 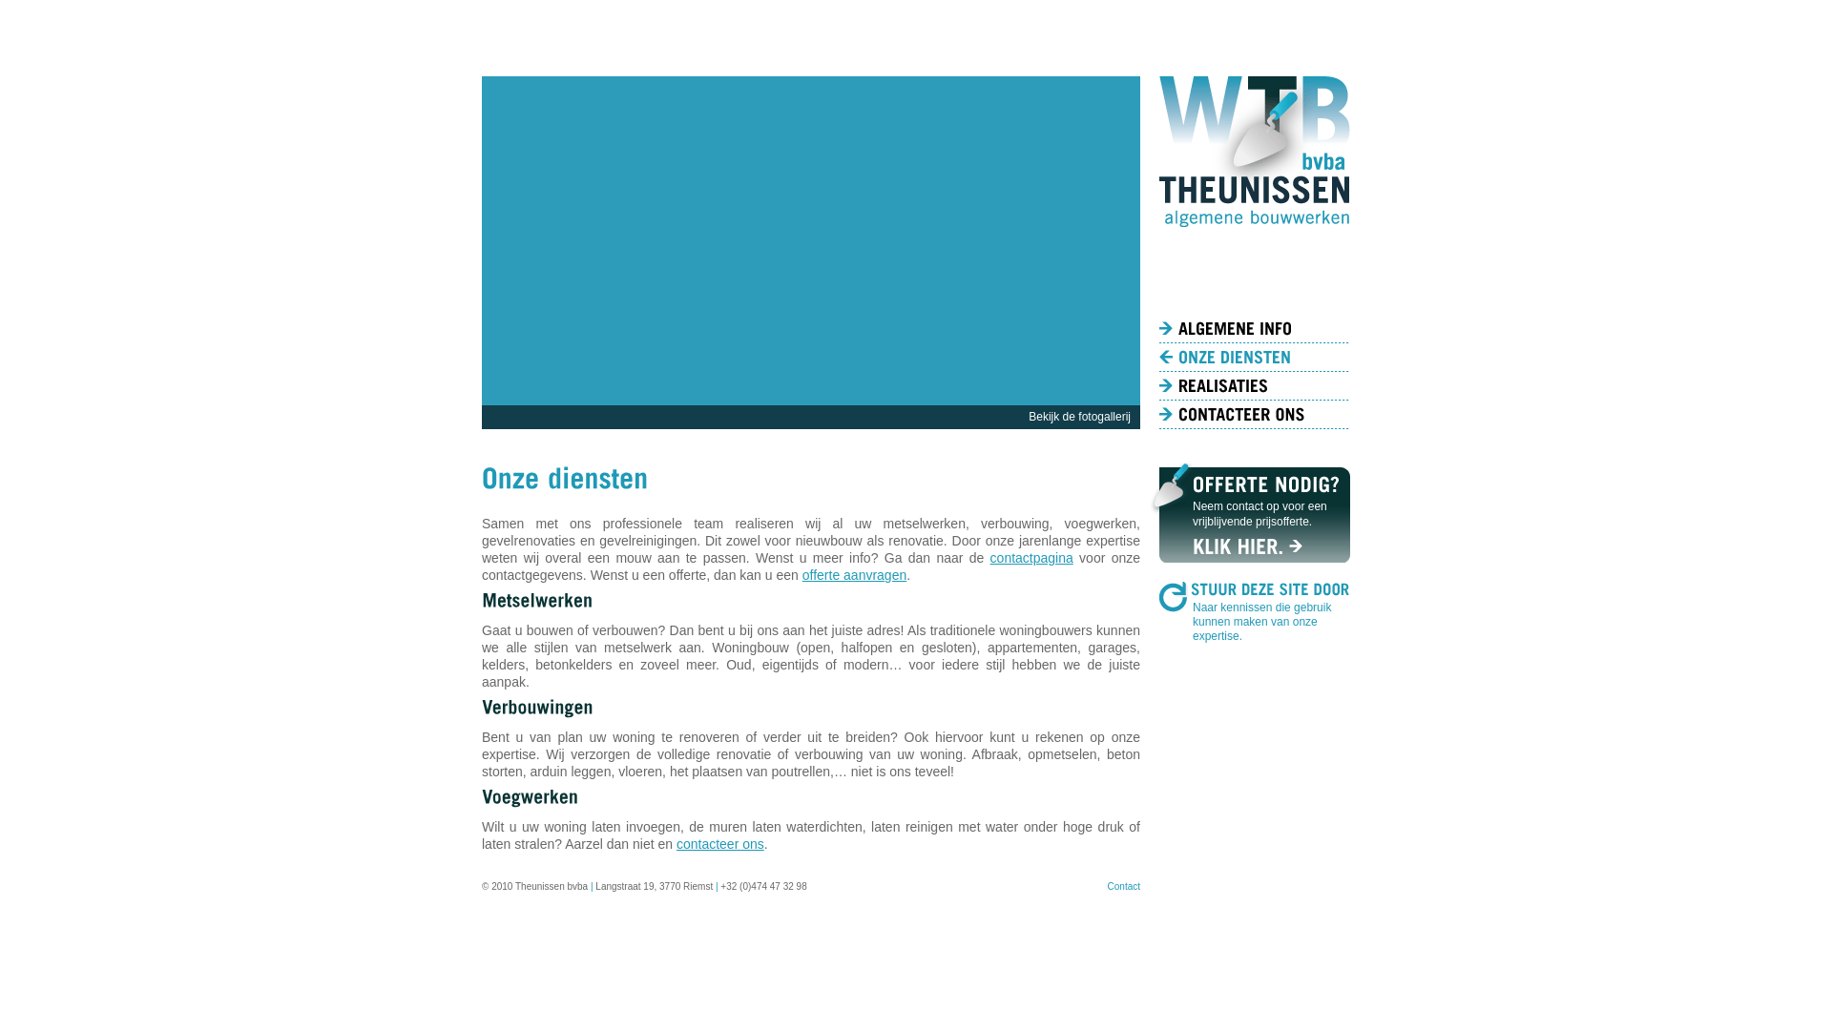 What do you see at coordinates (1030, 558) in the screenshot?
I see `'contactpagina'` at bounding box center [1030, 558].